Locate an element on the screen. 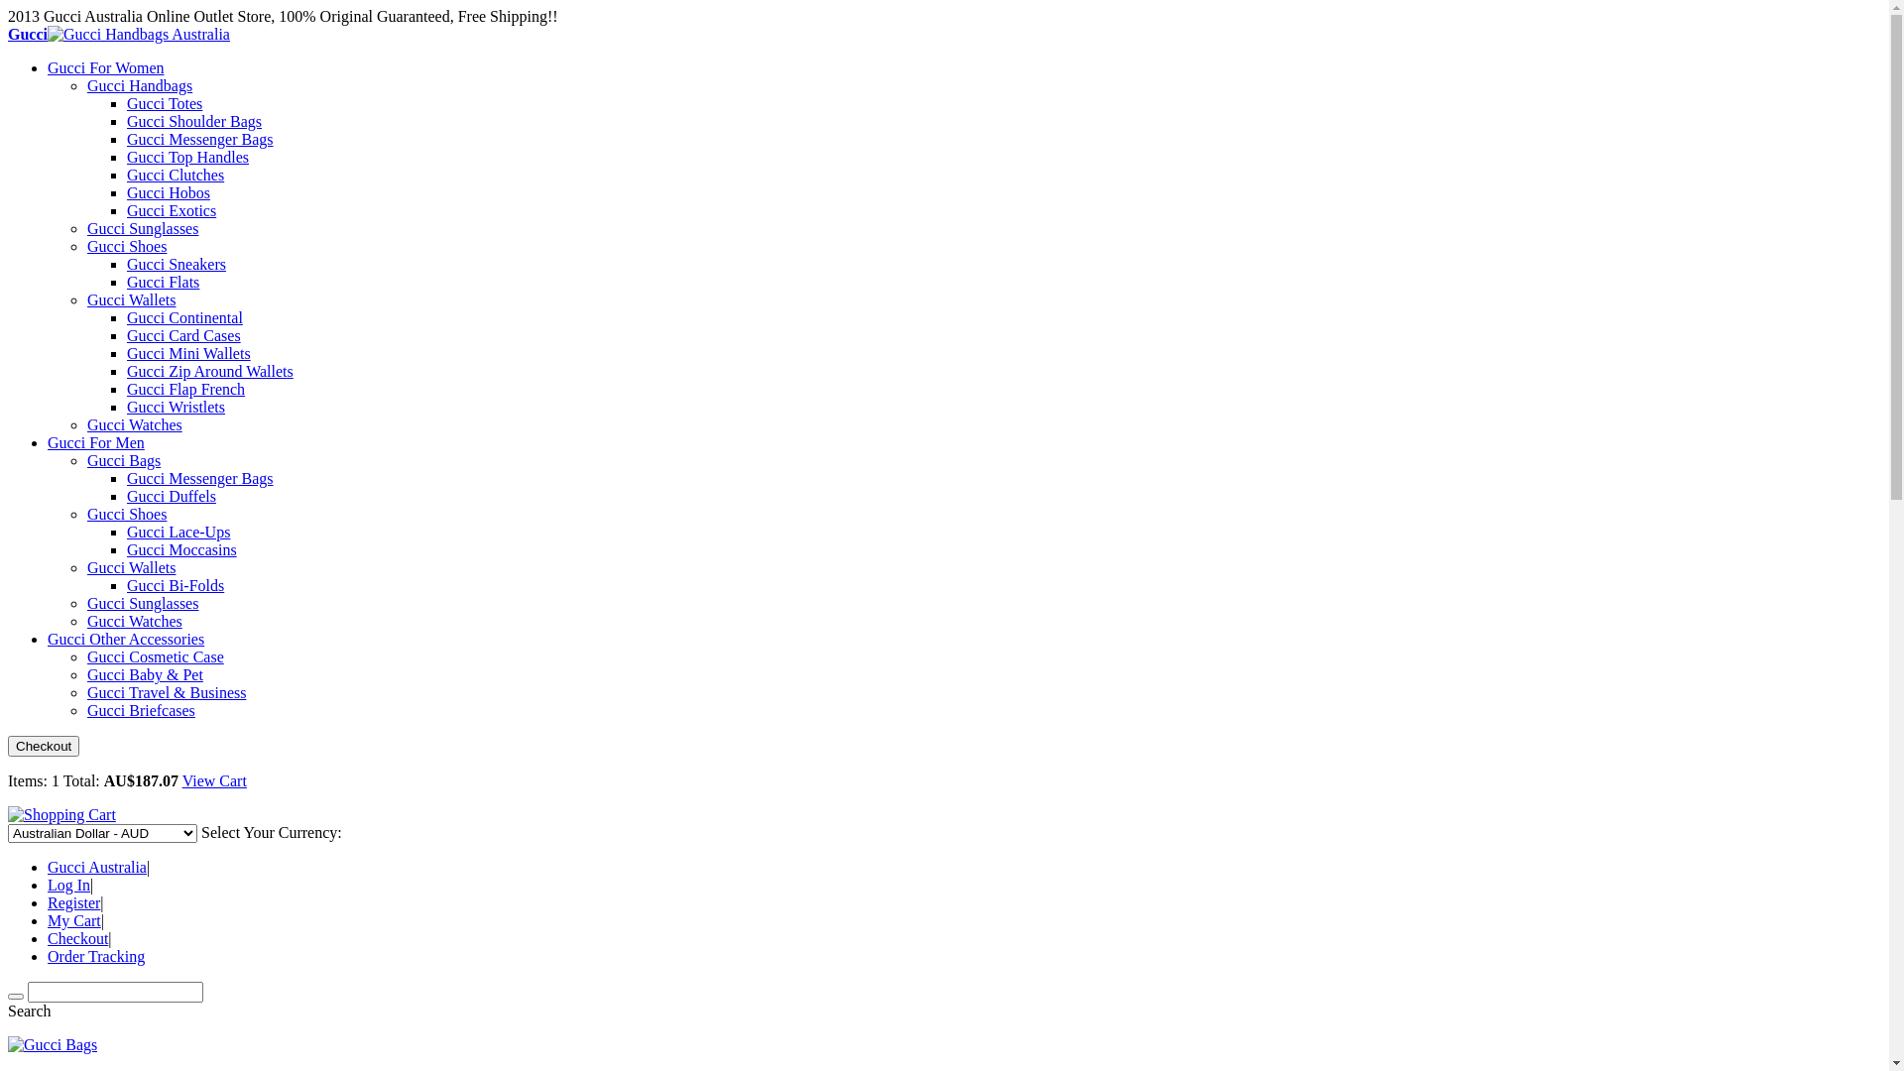 This screenshot has height=1071, width=1904. 'Order Tracking' is located at coordinates (94, 955).